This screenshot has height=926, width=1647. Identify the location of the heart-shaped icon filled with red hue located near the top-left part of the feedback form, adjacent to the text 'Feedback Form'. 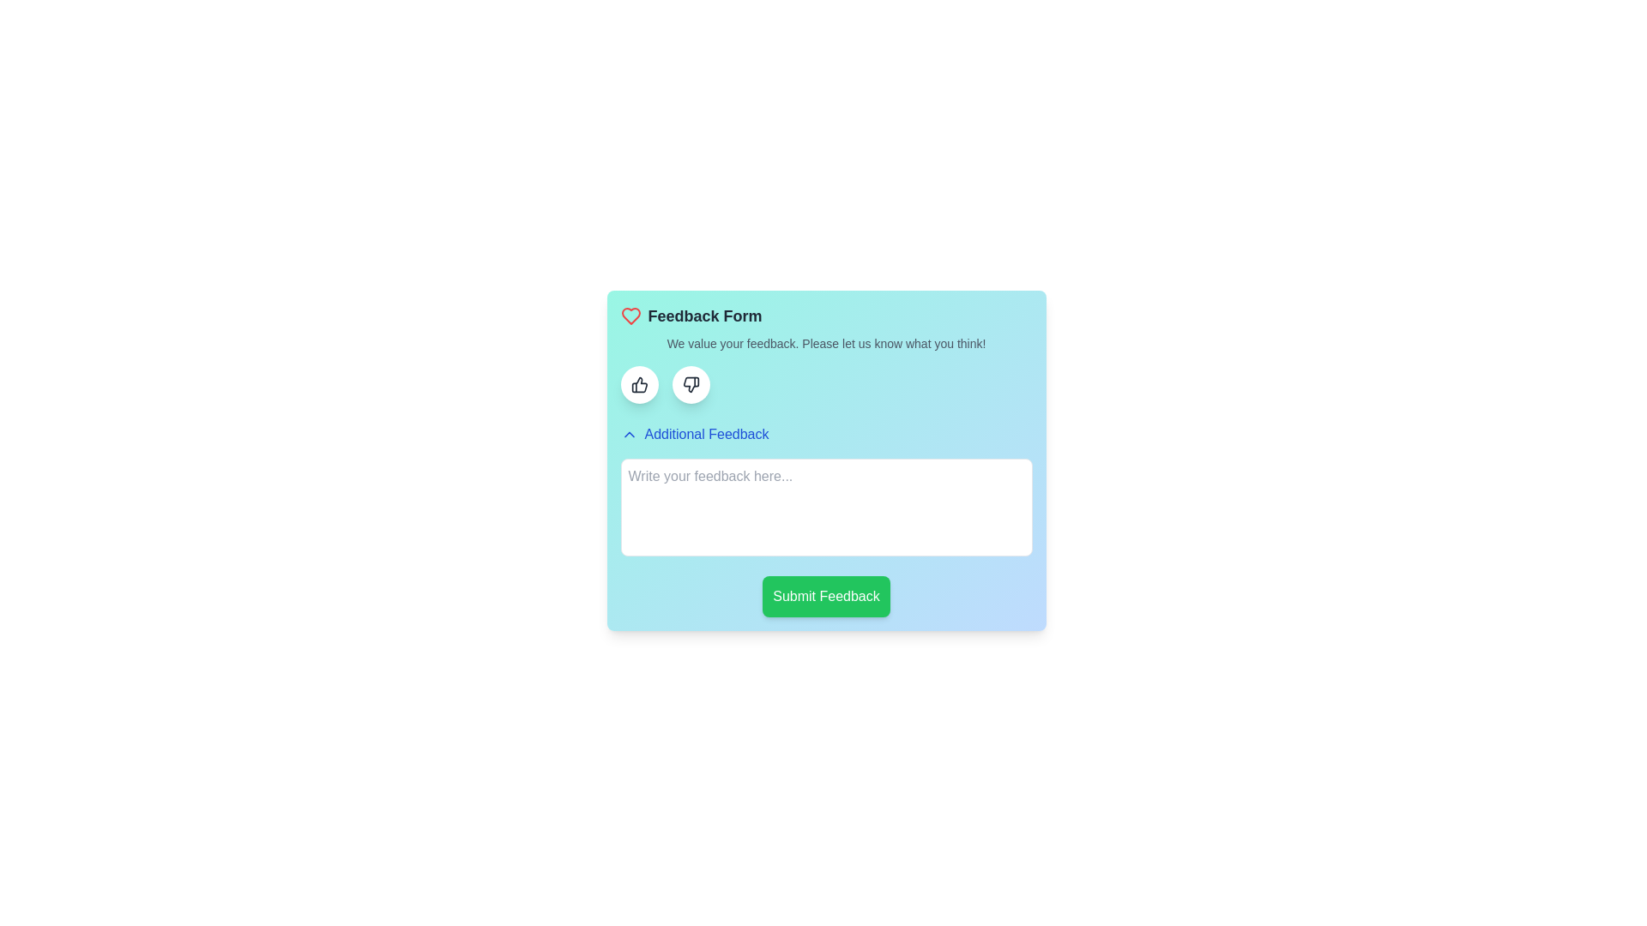
(630, 316).